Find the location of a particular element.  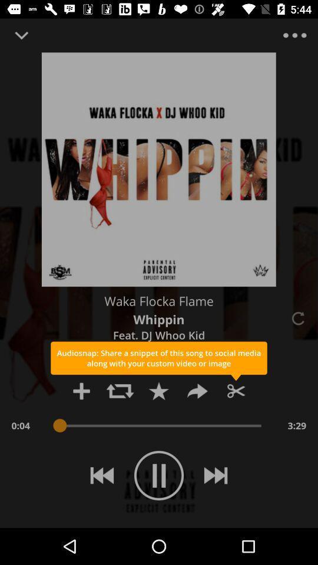

the redo icon is located at coordinates (197, 391).